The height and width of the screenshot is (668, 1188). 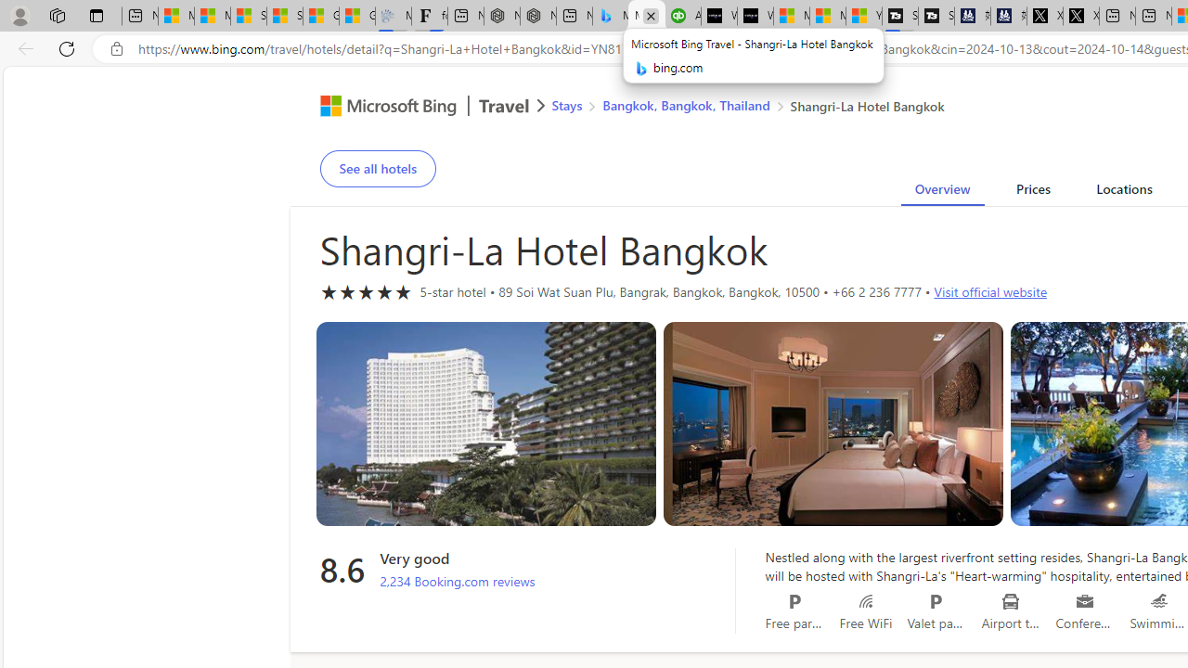 I want to click on 'Microsoft Bing Travel - Shangri-La Hotel Bangkok', so click(x=646, y=16).